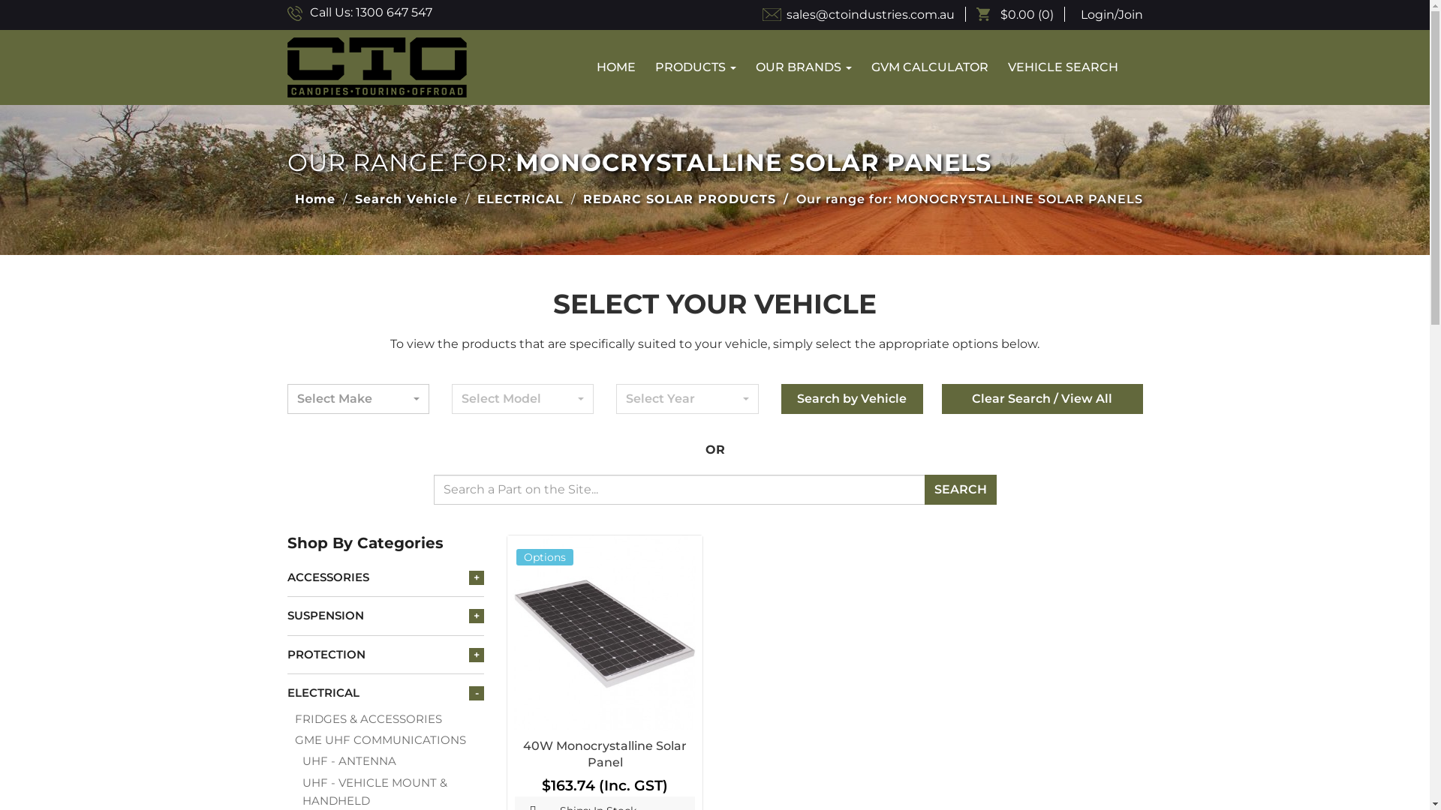 This screenshot has height=810, width=1441. What do you see at coordinates (385, 653) in the screenshot?
I see `'PROTECTION'` at bounding box center [385, 653].